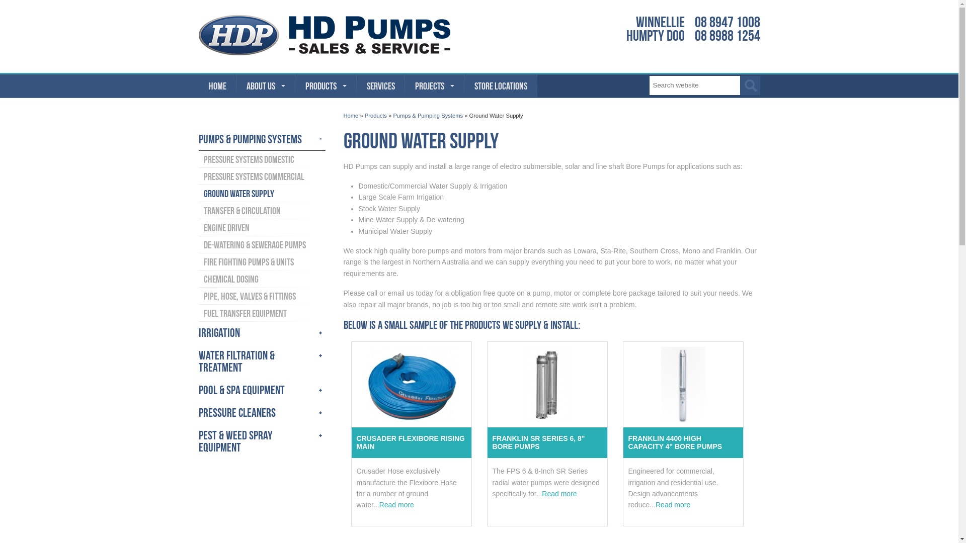 The width and height of the screenshot is (966, 543). What do you see at coordinates (375, 115) in the screenshot?
I see `'Products'` at bounding box center [375, 115].